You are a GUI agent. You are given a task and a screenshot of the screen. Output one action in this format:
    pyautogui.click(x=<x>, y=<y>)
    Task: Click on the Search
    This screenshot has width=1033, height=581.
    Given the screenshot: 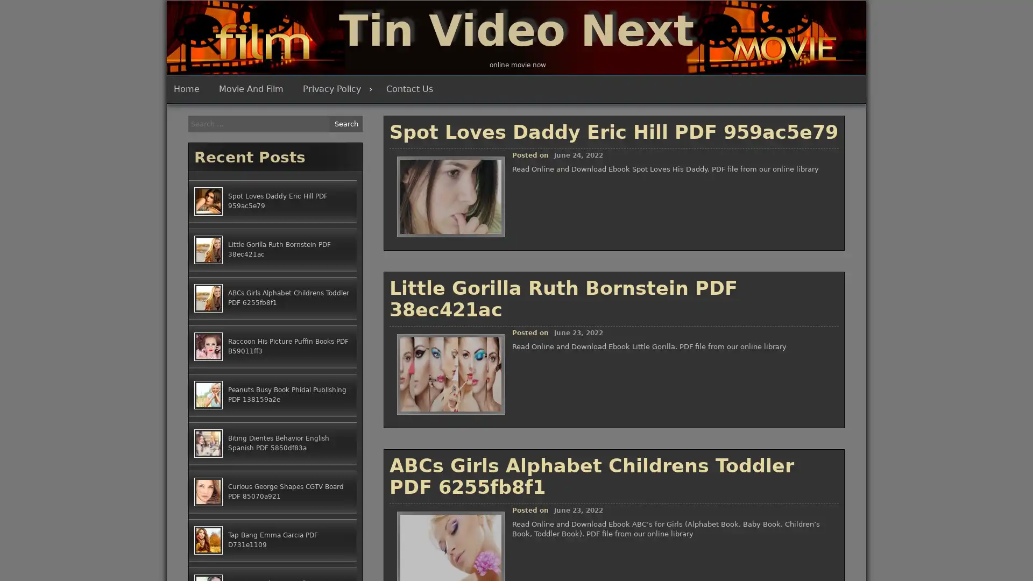 What is the action you would take?
    pyautogui.click(x=346, y=123)
    